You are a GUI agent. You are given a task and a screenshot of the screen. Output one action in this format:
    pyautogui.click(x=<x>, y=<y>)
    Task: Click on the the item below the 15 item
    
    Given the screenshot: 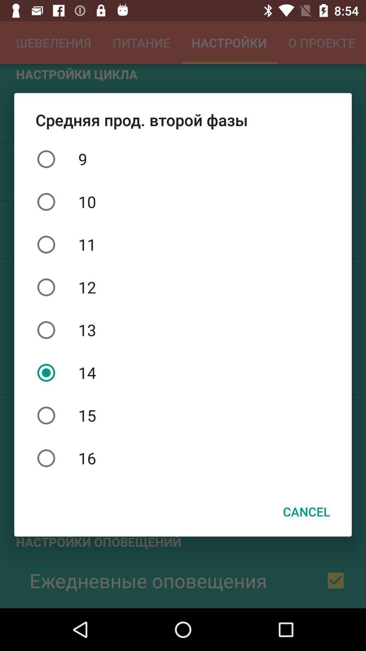 What is the action you would take?
    pyautogui.click(x=183, y=458)
    